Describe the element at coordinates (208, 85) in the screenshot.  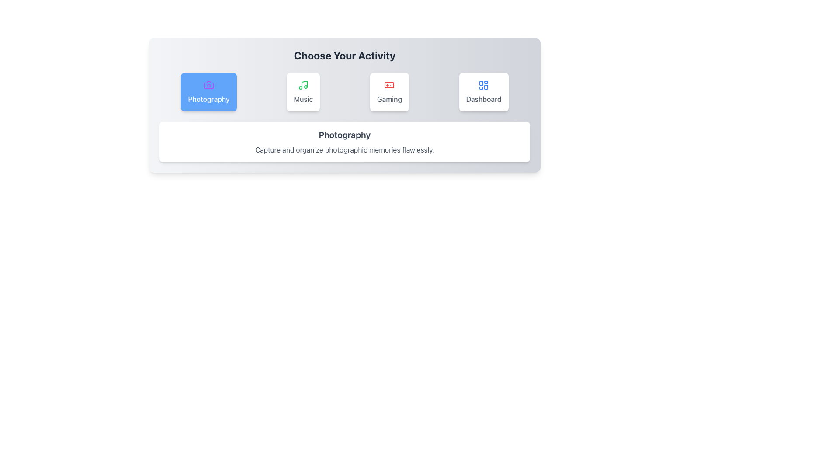
I see `the decorative vector graphic component that visually indicates the photography button in the activity selection interface` at that location.